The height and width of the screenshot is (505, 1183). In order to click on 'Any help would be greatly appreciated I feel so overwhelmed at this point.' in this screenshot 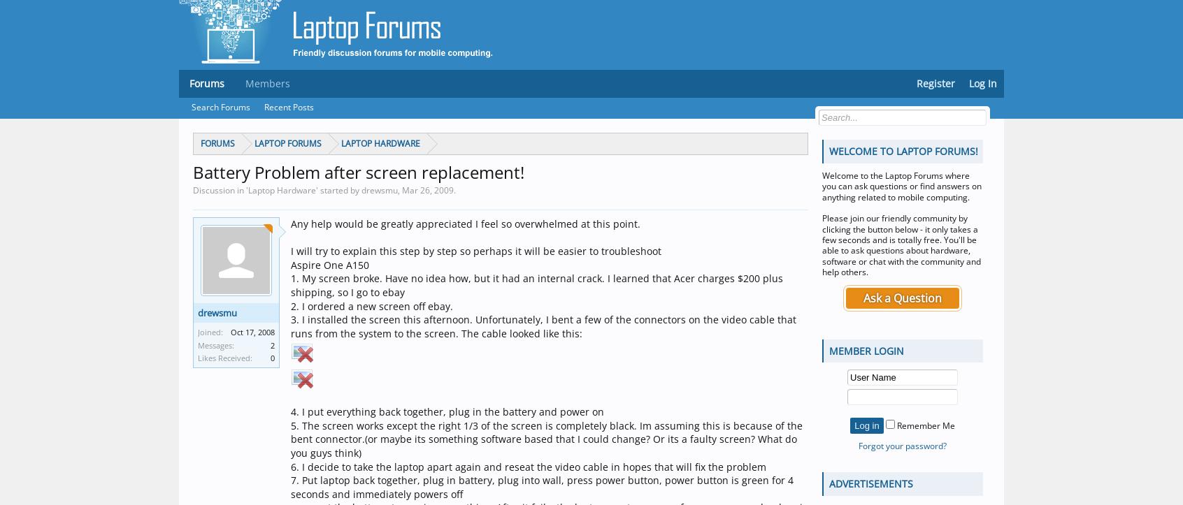, I will do `click(465, 224)`.